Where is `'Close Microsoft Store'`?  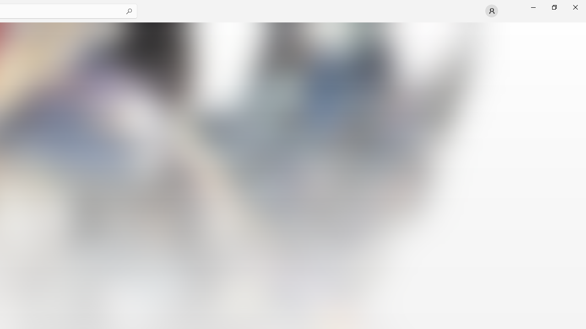
'Close Microsoft Store' is located at coordinates (575, 7).